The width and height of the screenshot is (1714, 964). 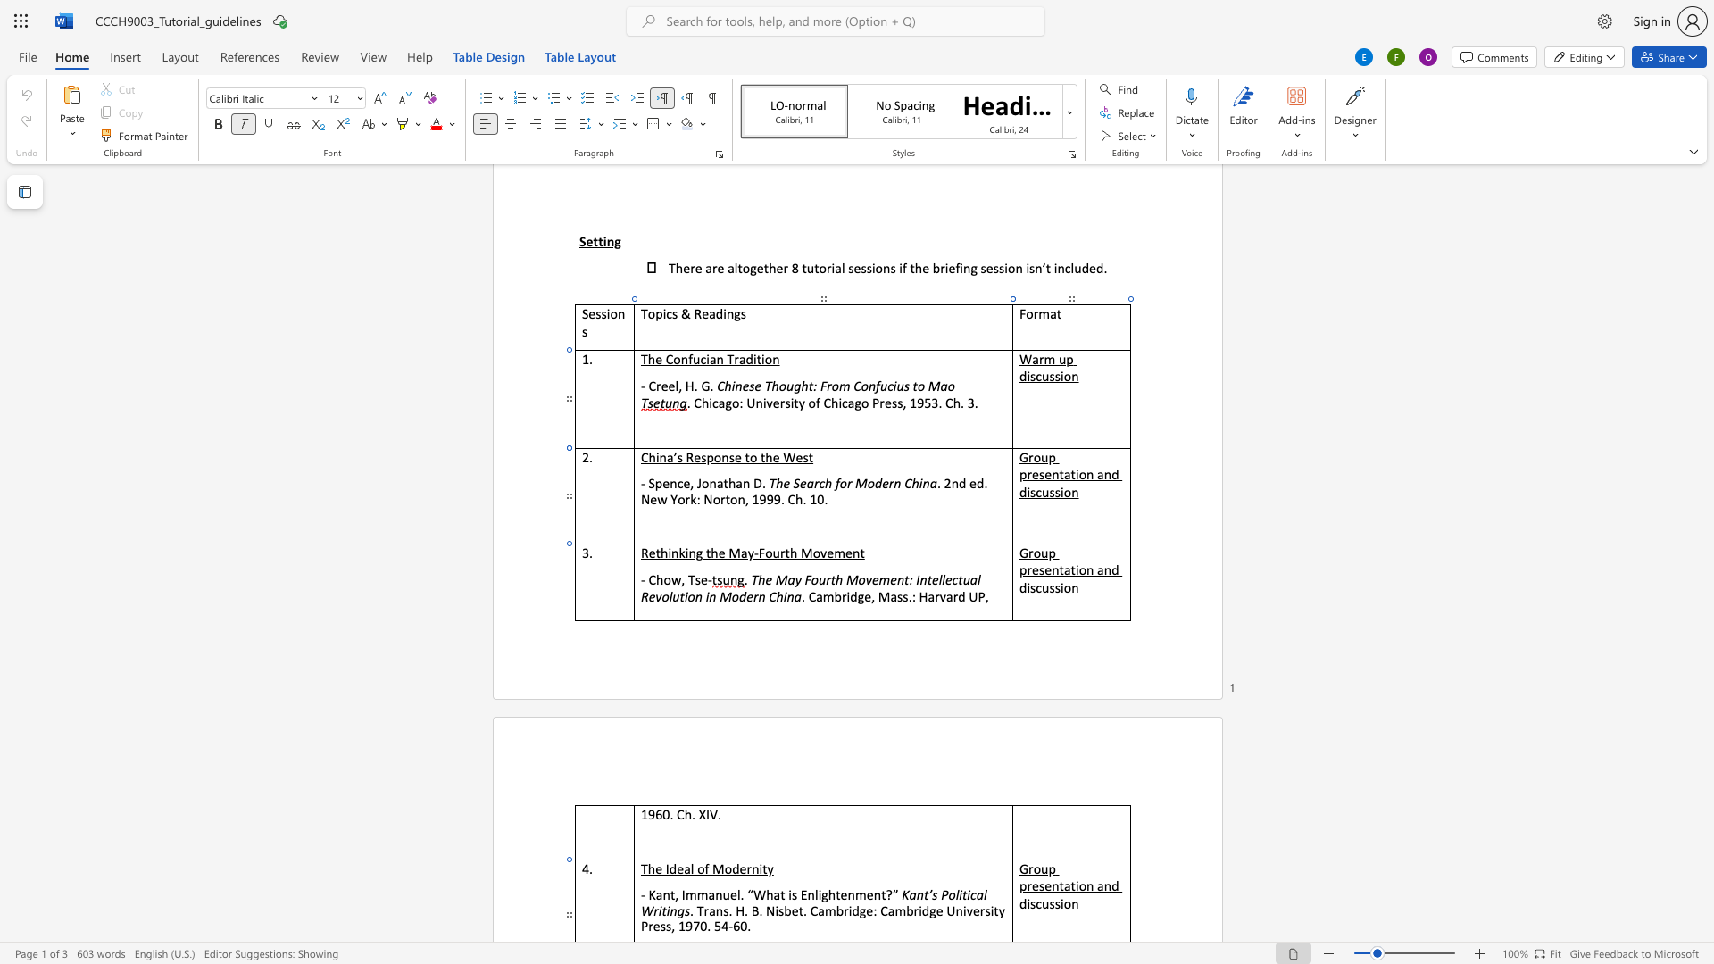 What do you see at coordinates (666, 552) in the screenshot?
I see `the space between the continuous character "h" and "i" in the text` at bounding box center [666, 552].